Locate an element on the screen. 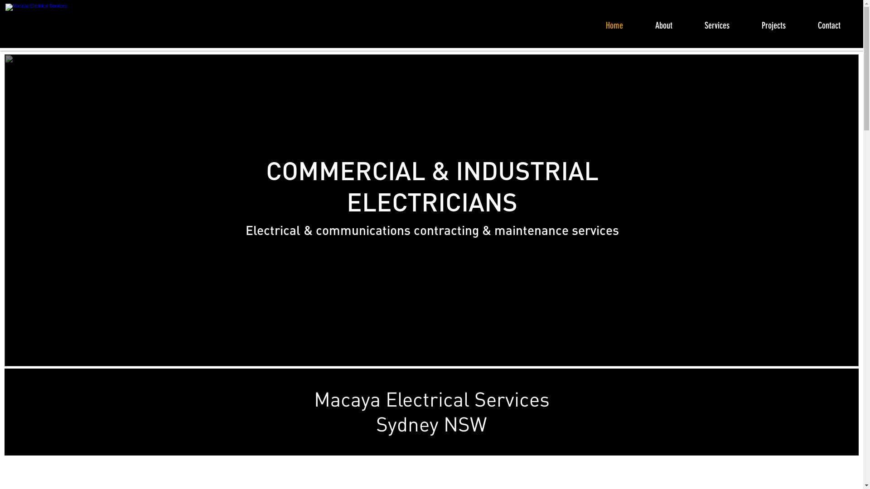 The height and width of the screenshot is (489, 870). 'Services' is located at coordinates (724, 24).